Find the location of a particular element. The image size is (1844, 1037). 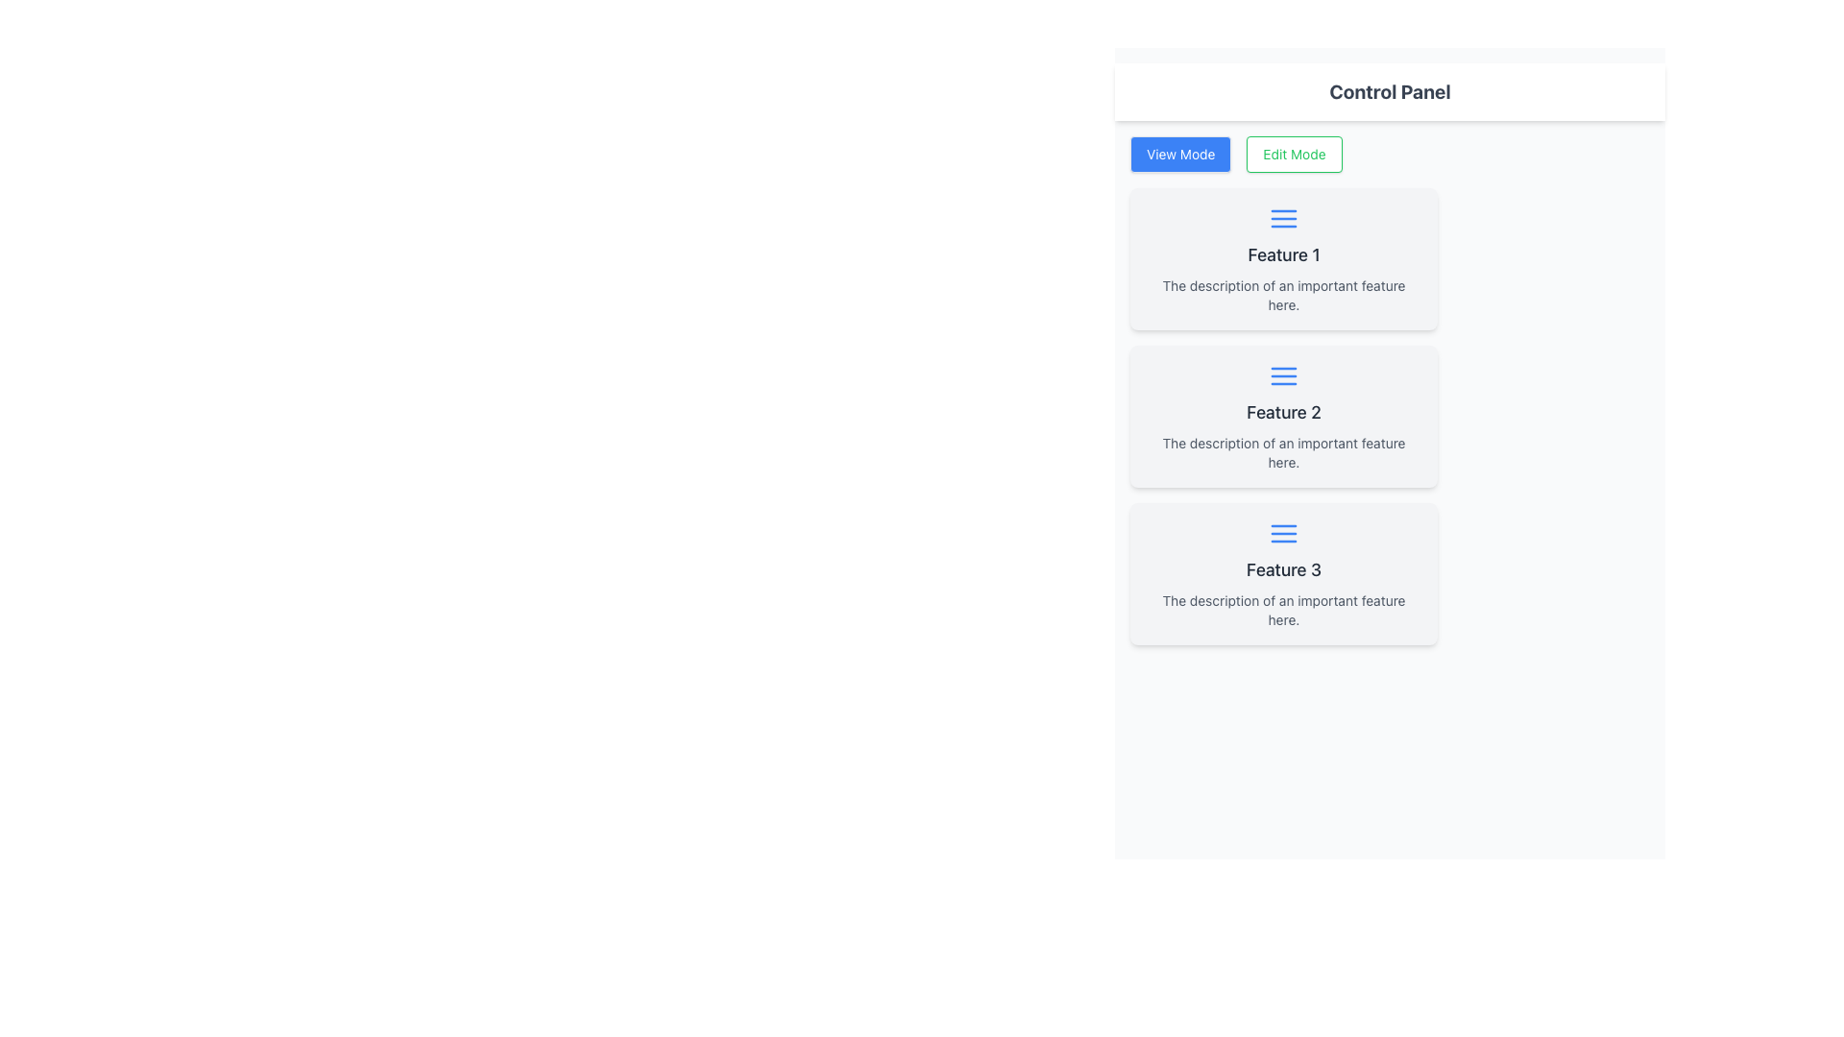

the decorative icon at the top center of the 'Feature 3' card, which indicates the feature's alignment or functionality is located at coordinates (1284, 533).